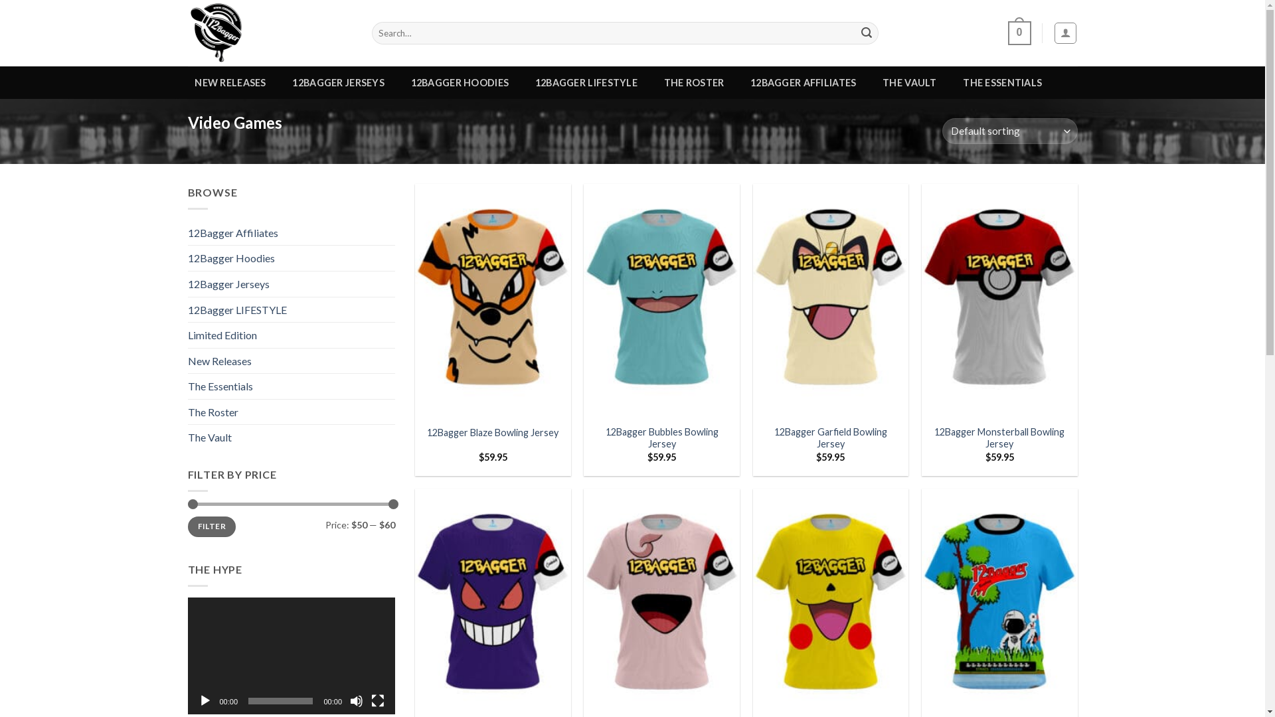 The image size is (1275, 717). I want to click on '12Bagger LIFESTYLE', so click(290, 309).